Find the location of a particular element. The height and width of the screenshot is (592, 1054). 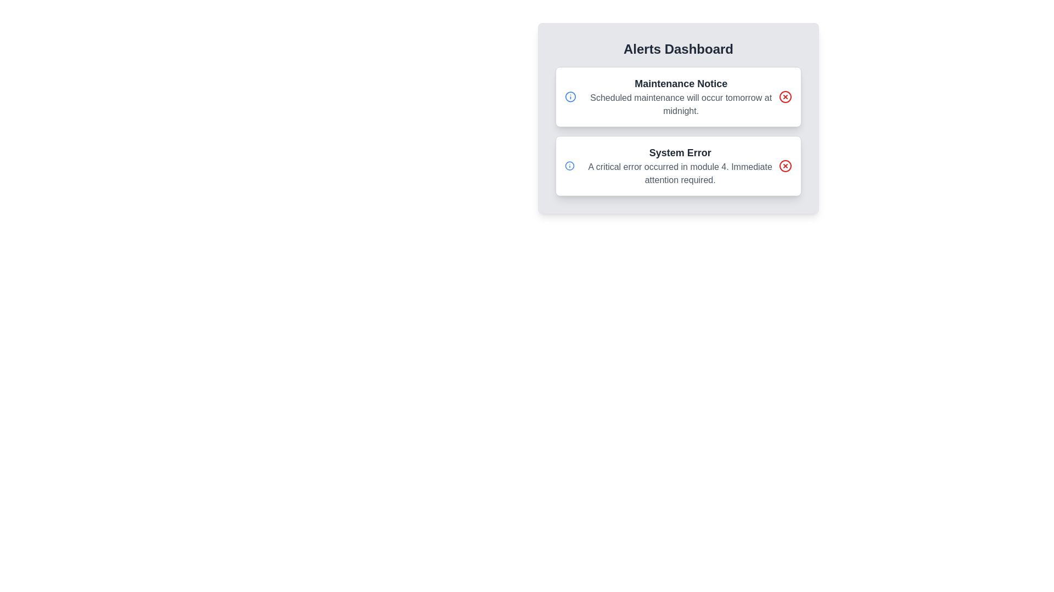

the 'Maintenance Notice' text label, which is prominently displayed in bold dark gray within the notification card at the top of the 'Alerts Dashboard' section is located at coordinates (680, 83).